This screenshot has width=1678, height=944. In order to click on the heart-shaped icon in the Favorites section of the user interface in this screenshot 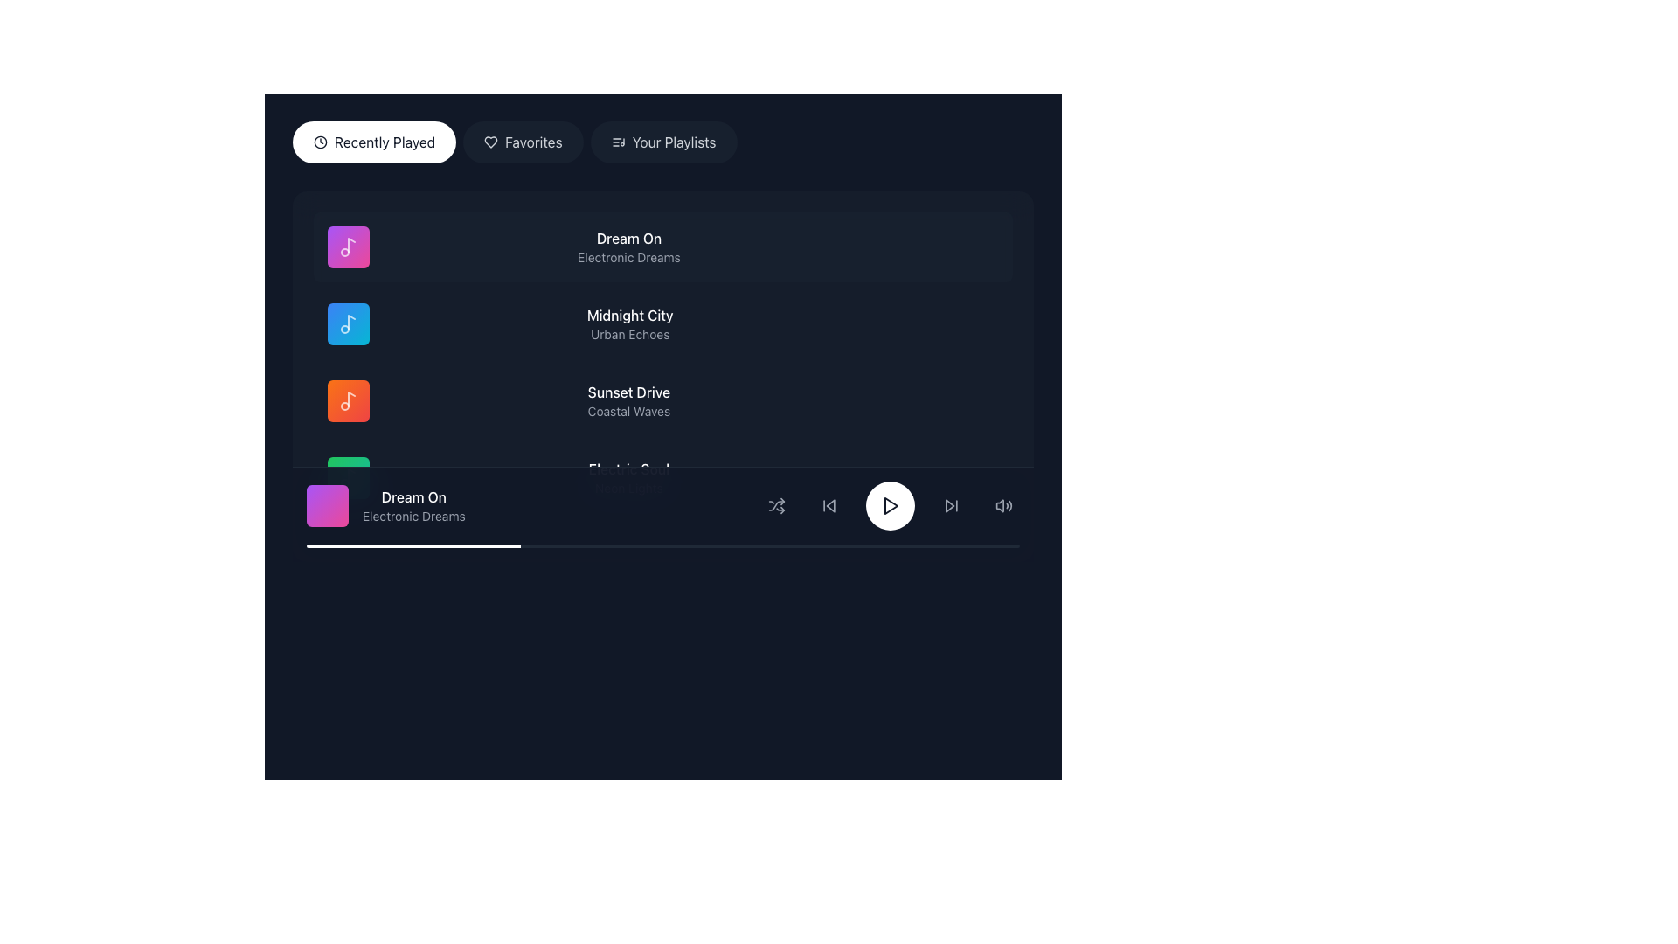, I will do `click(490, 141)`.